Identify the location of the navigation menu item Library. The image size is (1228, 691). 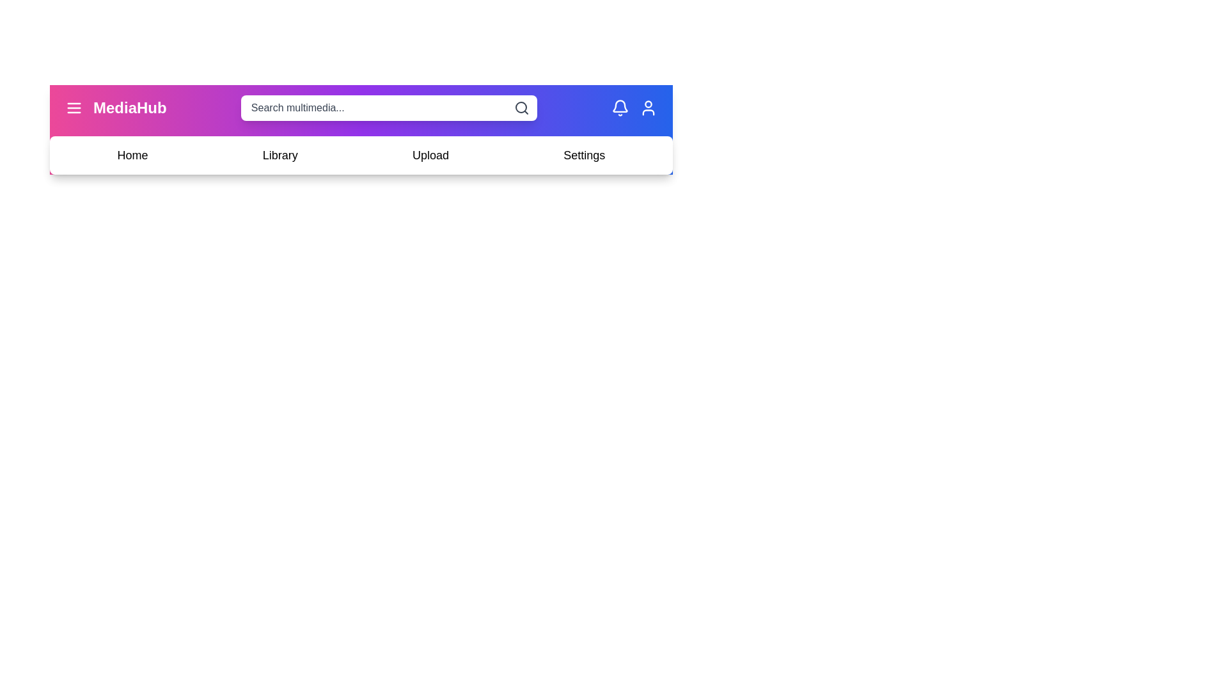
(279, 155).